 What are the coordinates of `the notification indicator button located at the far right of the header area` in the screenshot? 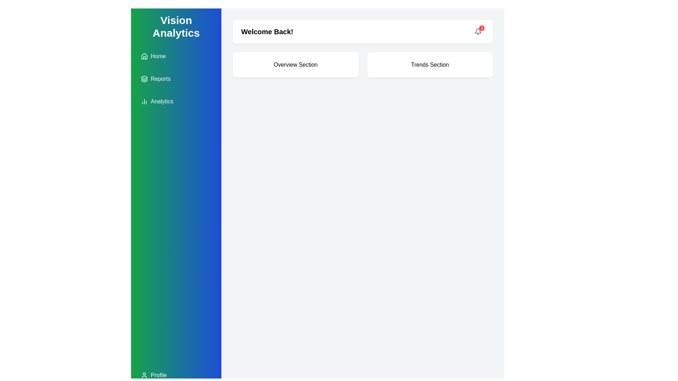 It's located at (478, 31).